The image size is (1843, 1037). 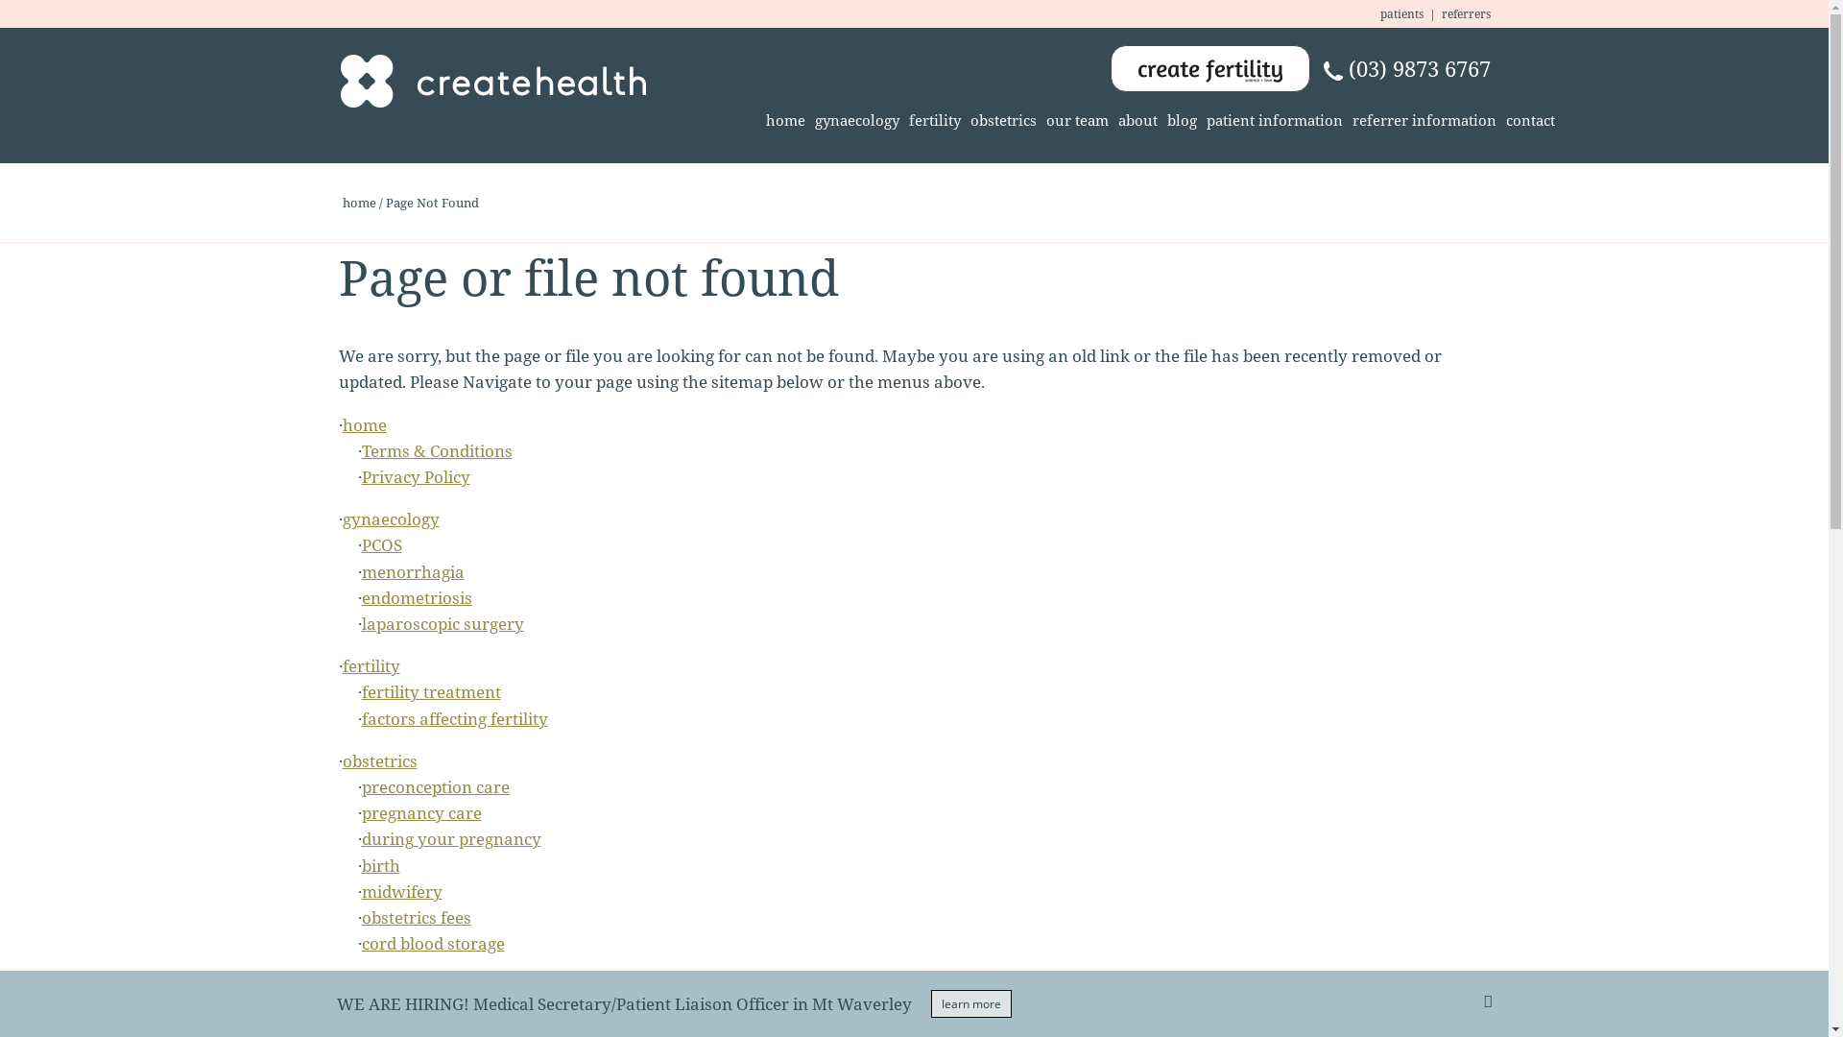 What do you see at coordinates (1275, 121) in the screenshot?
I see `'patient information'` at bounding box center [1275, 121].